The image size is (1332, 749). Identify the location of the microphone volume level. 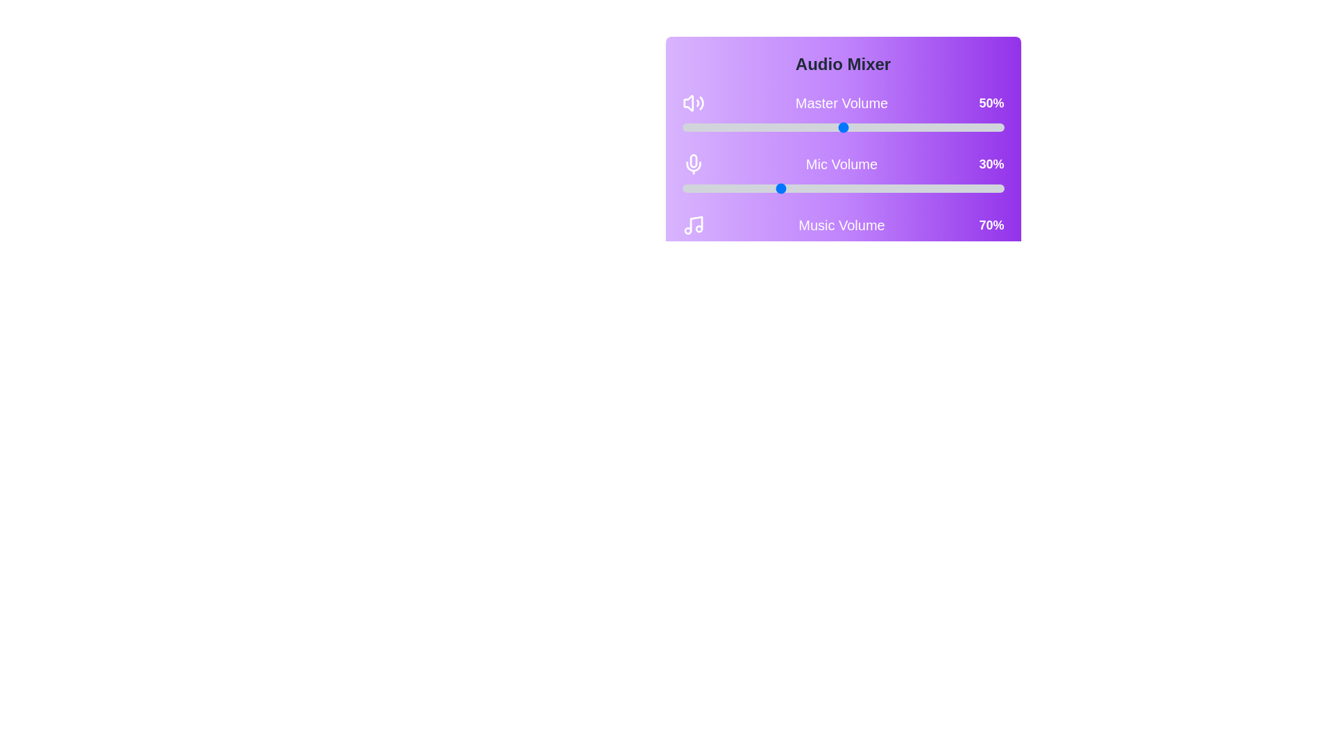
(788, 189).